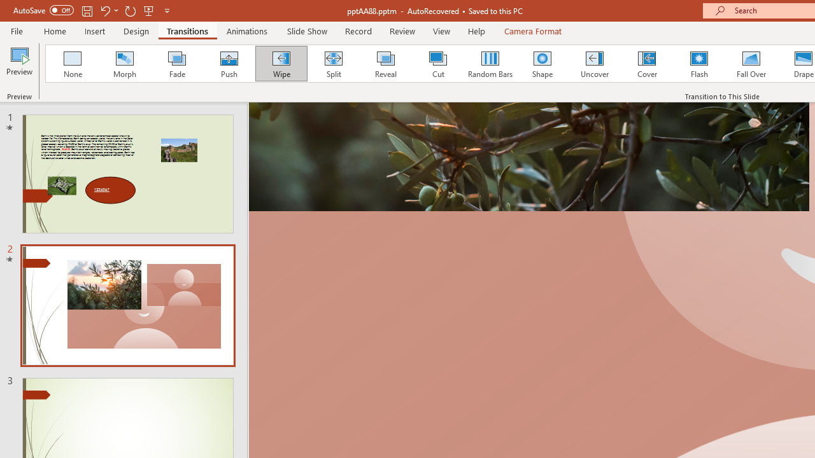  What do you see at coordinates (187, 31) in the screenshot?
I see `'Transitions'` at bounding box center [187, 31].